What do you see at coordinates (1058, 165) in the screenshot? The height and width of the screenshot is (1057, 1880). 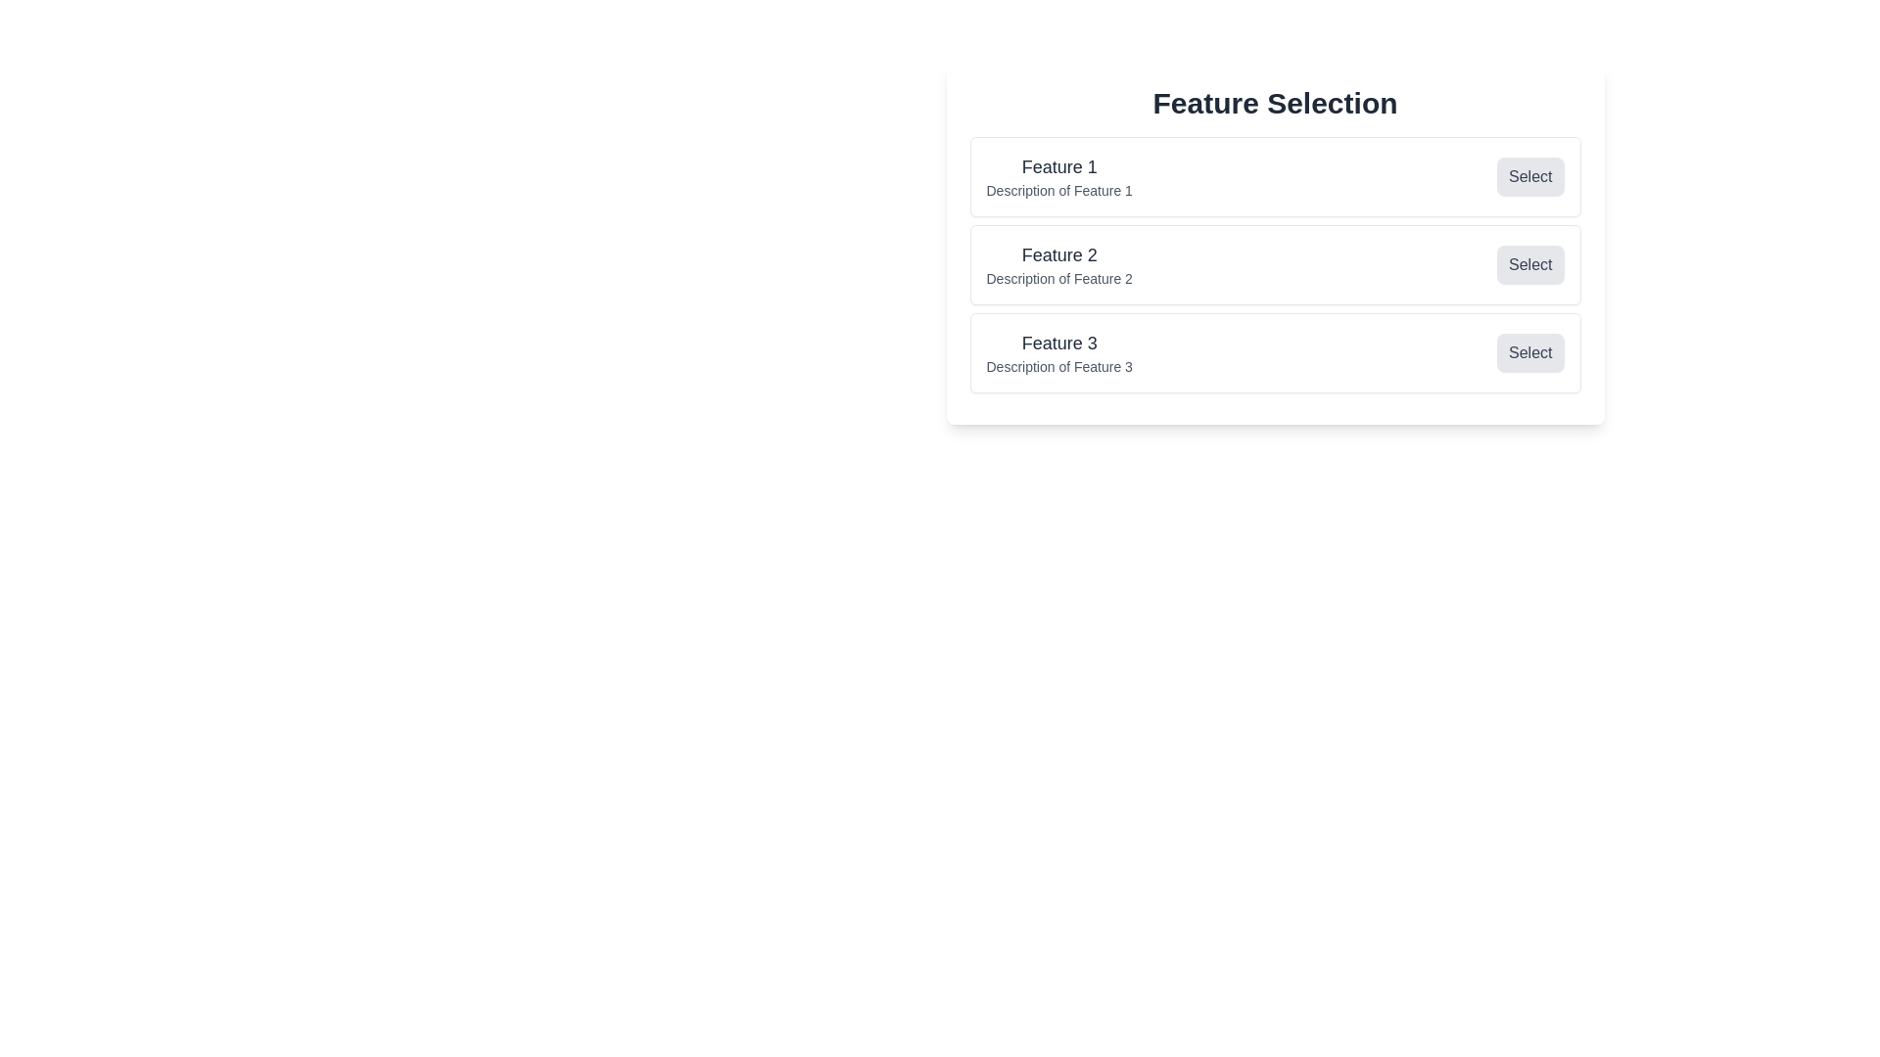 I see `the Text label that serves as a title or identifier for the corresponding feature, located at the center of a white card-like UI element, above its sibling description element` at bounding box center [1058, 165].